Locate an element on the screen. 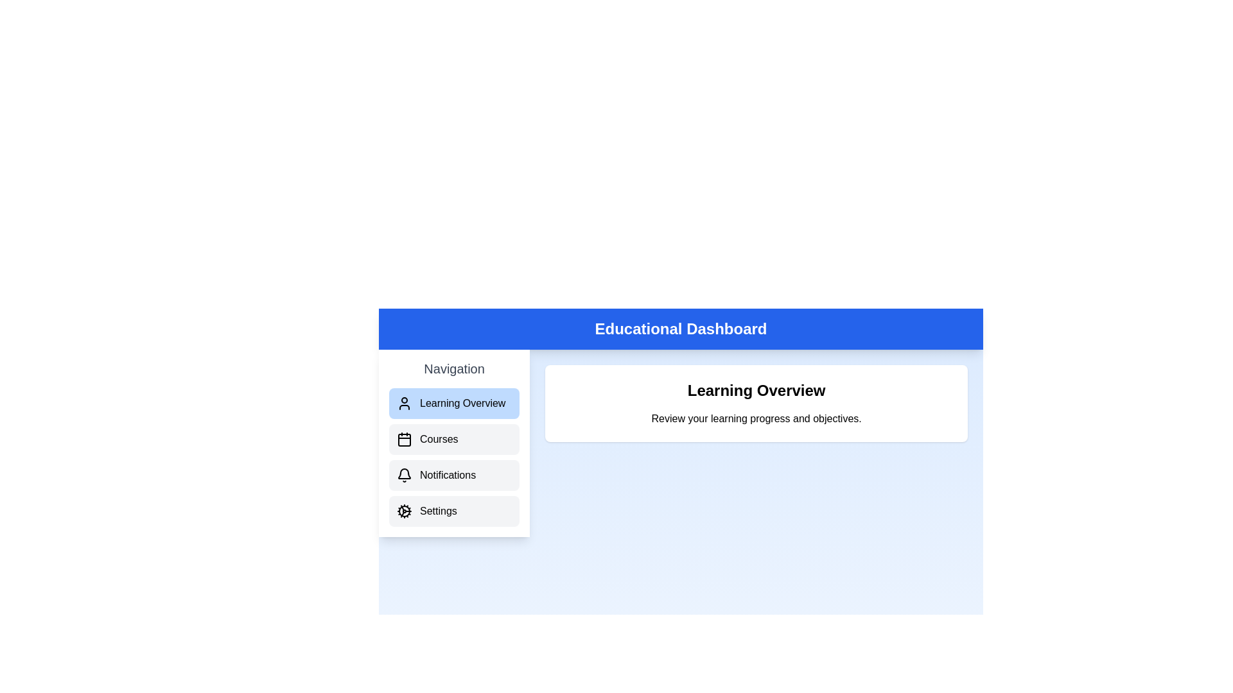 Image resolution: width=1233 pixels, height=693 pixels. the sidebar option corresponding to Learning Overview to navigate to that section is located at coordinates (454, 402).